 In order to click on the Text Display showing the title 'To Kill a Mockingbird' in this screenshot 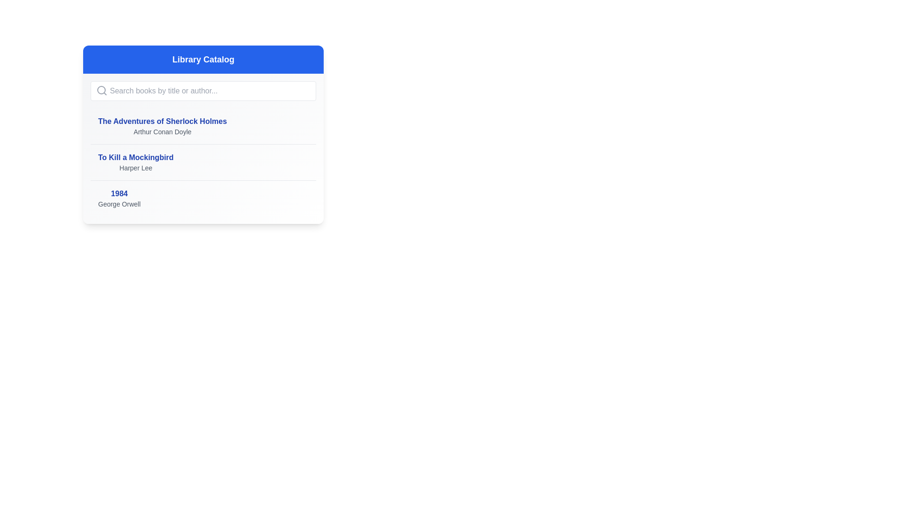, I will do `click(135, 162)`.